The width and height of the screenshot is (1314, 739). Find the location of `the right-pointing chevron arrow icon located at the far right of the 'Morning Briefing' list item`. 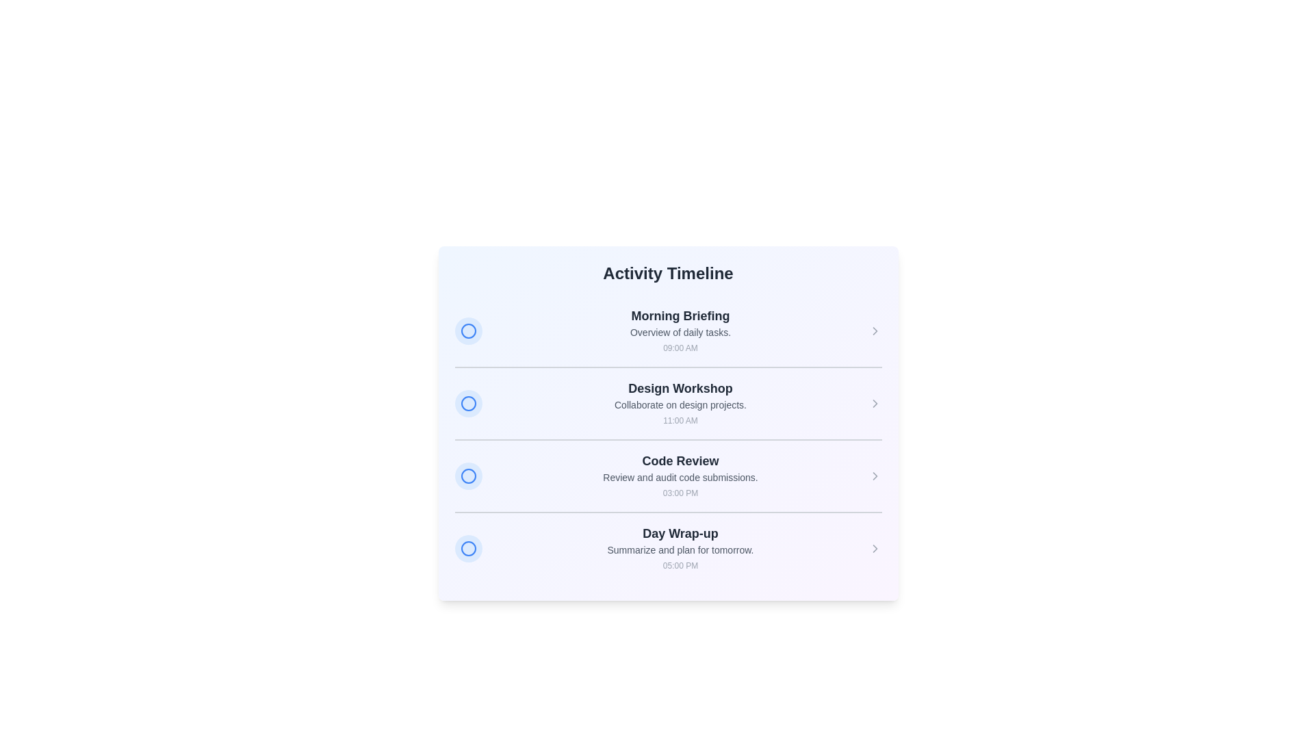

the right-pointing chevron arrow icon located at the far right of the 'Morning Briefing' list item is located at coordinates (874, 330).